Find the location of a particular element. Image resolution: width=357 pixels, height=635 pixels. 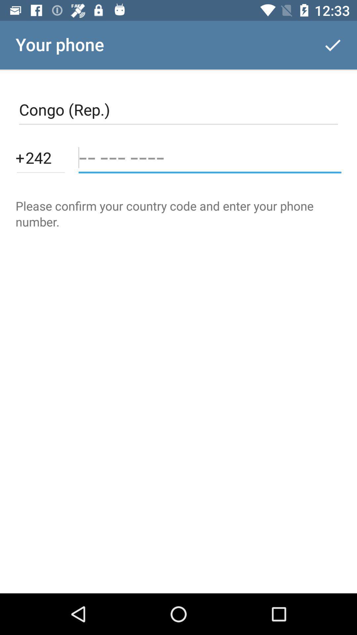

a phone number is located at coordinates (210, 157).